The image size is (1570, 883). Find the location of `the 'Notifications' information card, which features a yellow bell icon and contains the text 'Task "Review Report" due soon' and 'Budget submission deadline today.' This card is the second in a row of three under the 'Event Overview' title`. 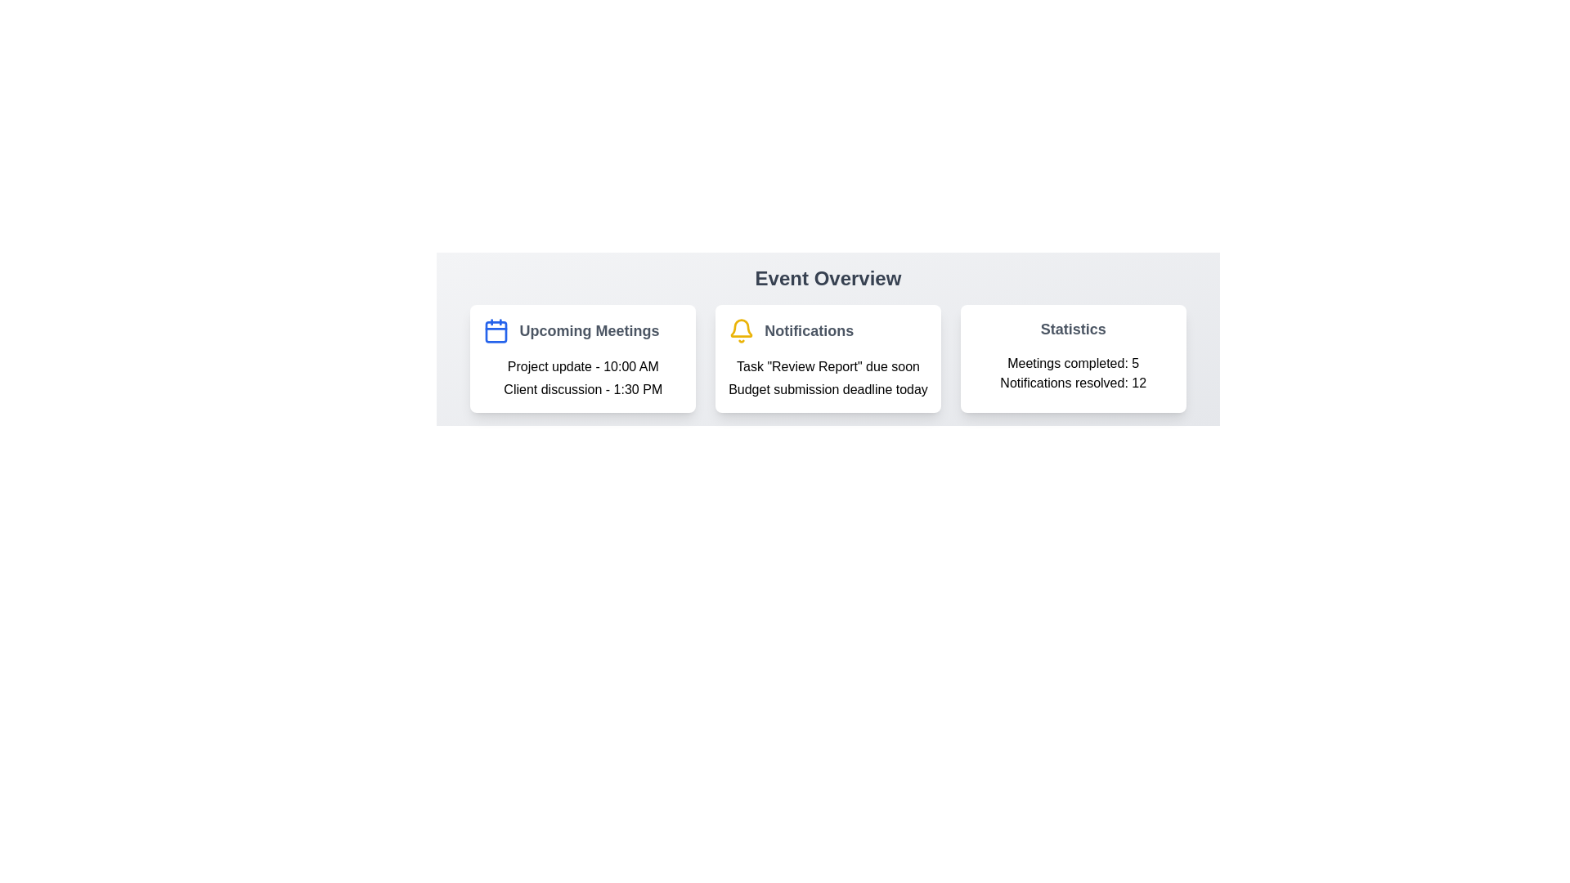

the 'Notifications' information card, which features a yellow bell icon and contains the text 'Task "Review Report" due soon' and 'Budget submission deadline today.' This card is the second in a row of three under the 'Event Overview' title is located at coordinates (828, 338).